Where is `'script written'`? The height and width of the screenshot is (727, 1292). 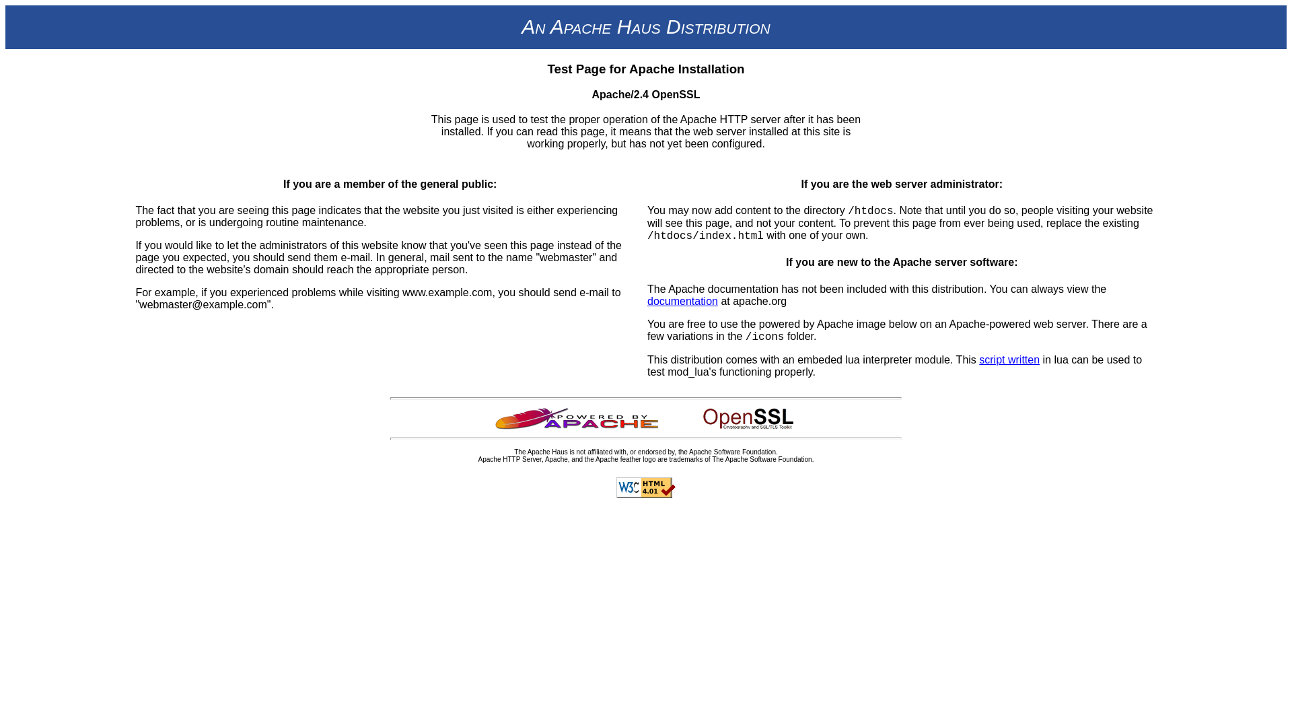
'script written' is located at coordinates (978, 359).